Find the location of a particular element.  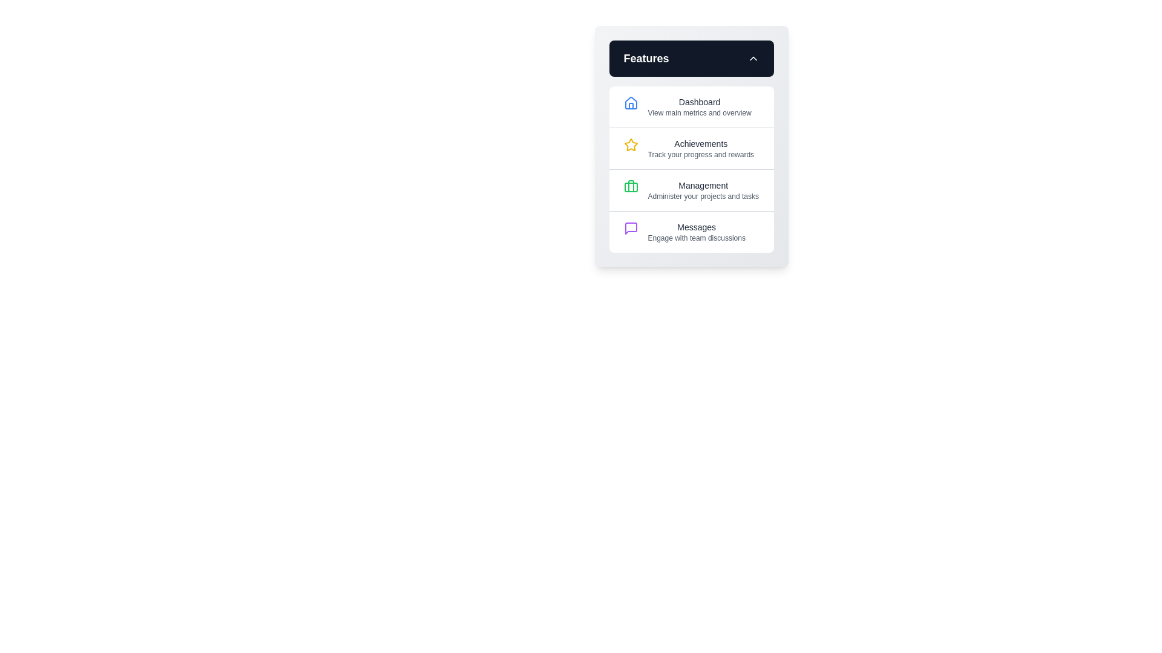

the descriptive subtitle text label for the 'Achievements' section located beneath the 'Achievements' text and next to a star icon in the 'Features' section is located at coordinates (701, 154).